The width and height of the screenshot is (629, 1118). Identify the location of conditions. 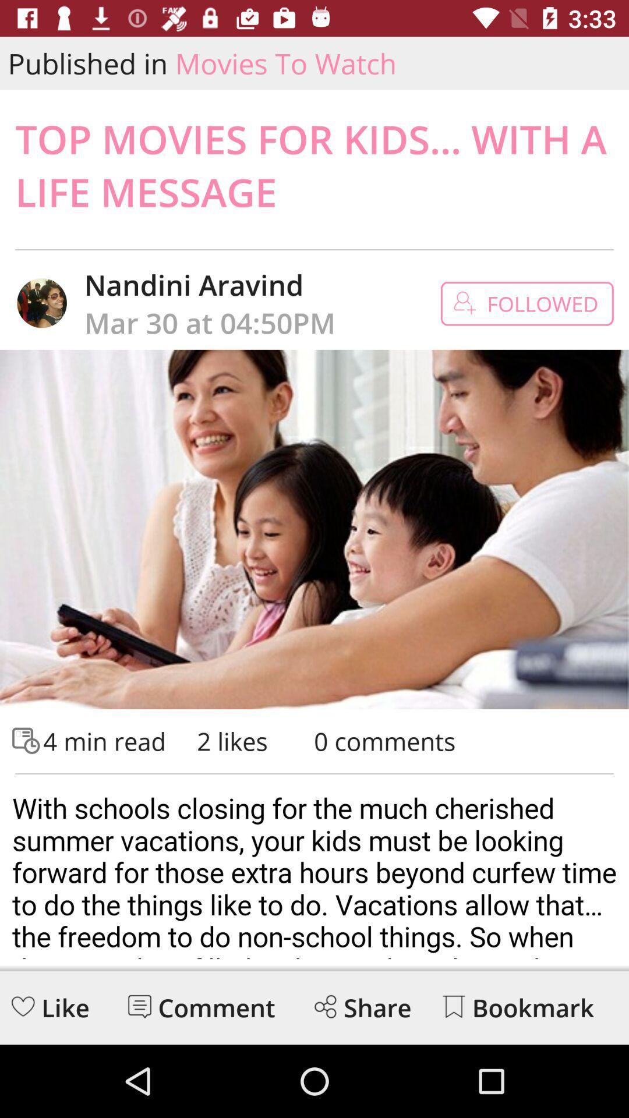
(314, 871).